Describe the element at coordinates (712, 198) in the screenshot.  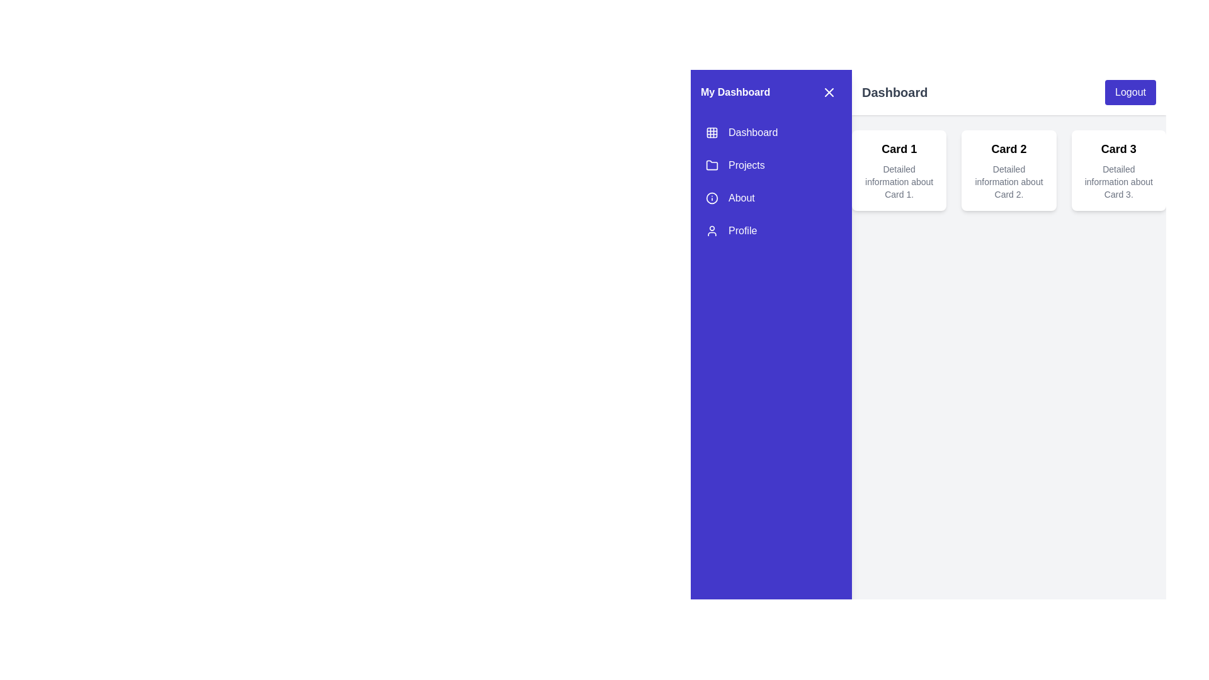
I see `the outlined information icon located to the left of the 'About' text in the vertical menu layout` at that location.